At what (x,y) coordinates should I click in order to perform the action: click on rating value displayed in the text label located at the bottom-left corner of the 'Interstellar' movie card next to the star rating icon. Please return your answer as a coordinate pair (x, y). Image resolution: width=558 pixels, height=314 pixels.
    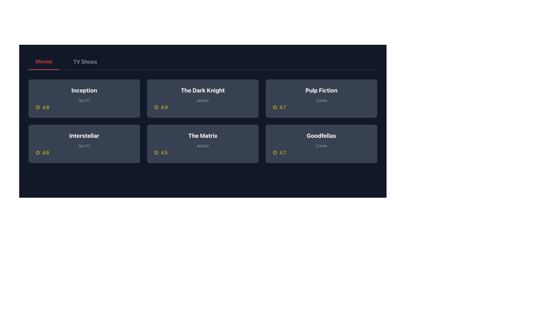
    Looking at the image, I should click on (45, 152).